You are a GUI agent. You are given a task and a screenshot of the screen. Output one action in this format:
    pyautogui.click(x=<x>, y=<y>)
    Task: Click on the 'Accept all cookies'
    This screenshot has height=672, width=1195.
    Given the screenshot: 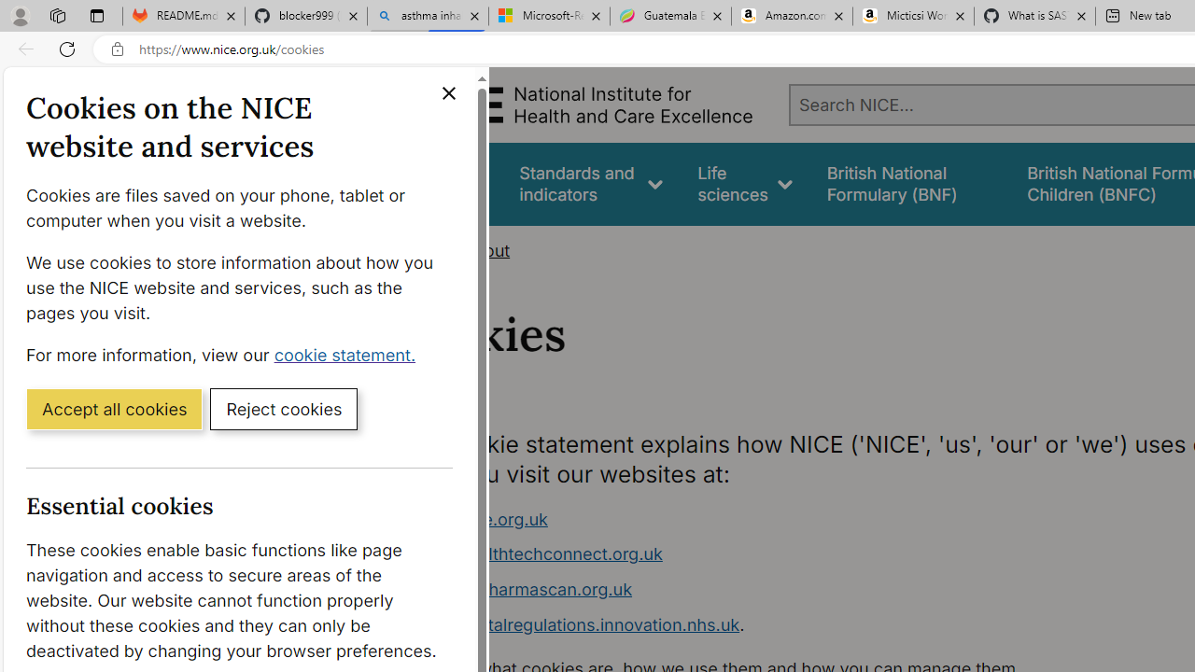 What is the action you would take?
    pyautogui.click(x=113, y=407)
    